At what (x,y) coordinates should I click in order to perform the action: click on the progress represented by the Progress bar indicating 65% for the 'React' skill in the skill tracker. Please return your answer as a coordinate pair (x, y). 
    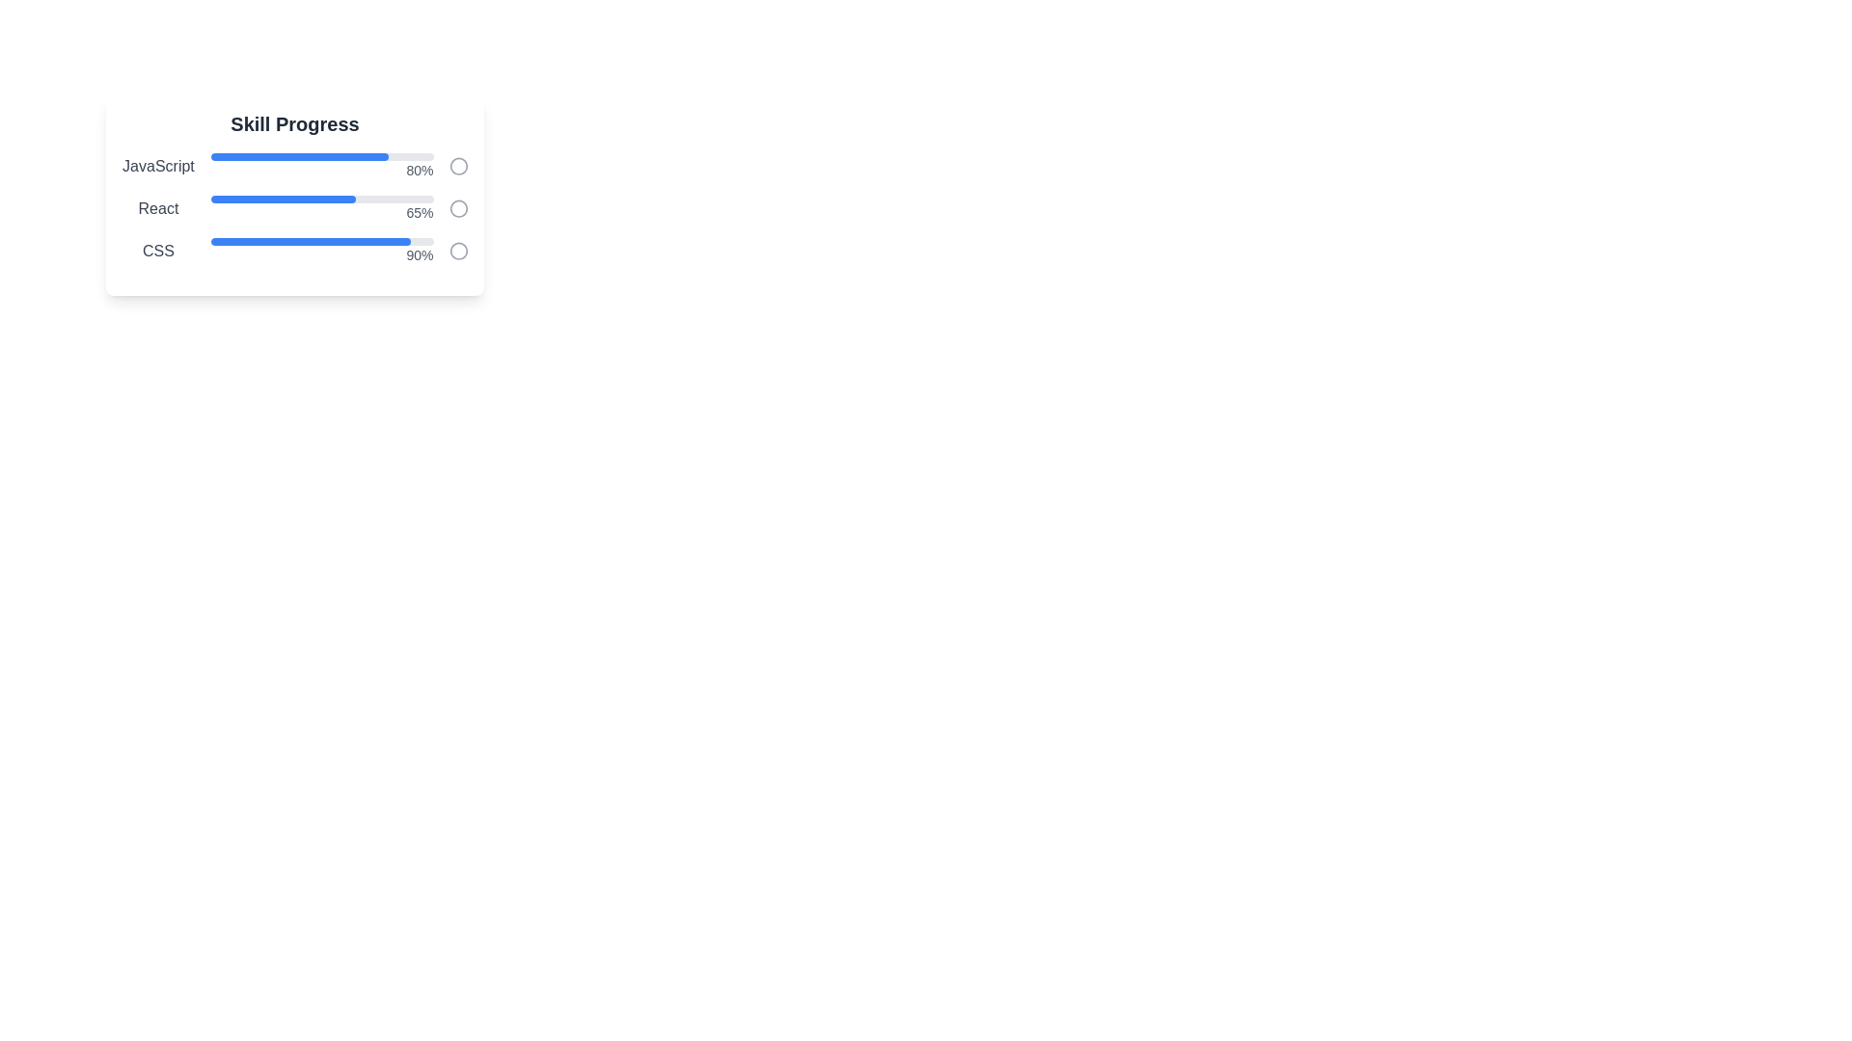
    Looking at the image, I should click on (282, 200).